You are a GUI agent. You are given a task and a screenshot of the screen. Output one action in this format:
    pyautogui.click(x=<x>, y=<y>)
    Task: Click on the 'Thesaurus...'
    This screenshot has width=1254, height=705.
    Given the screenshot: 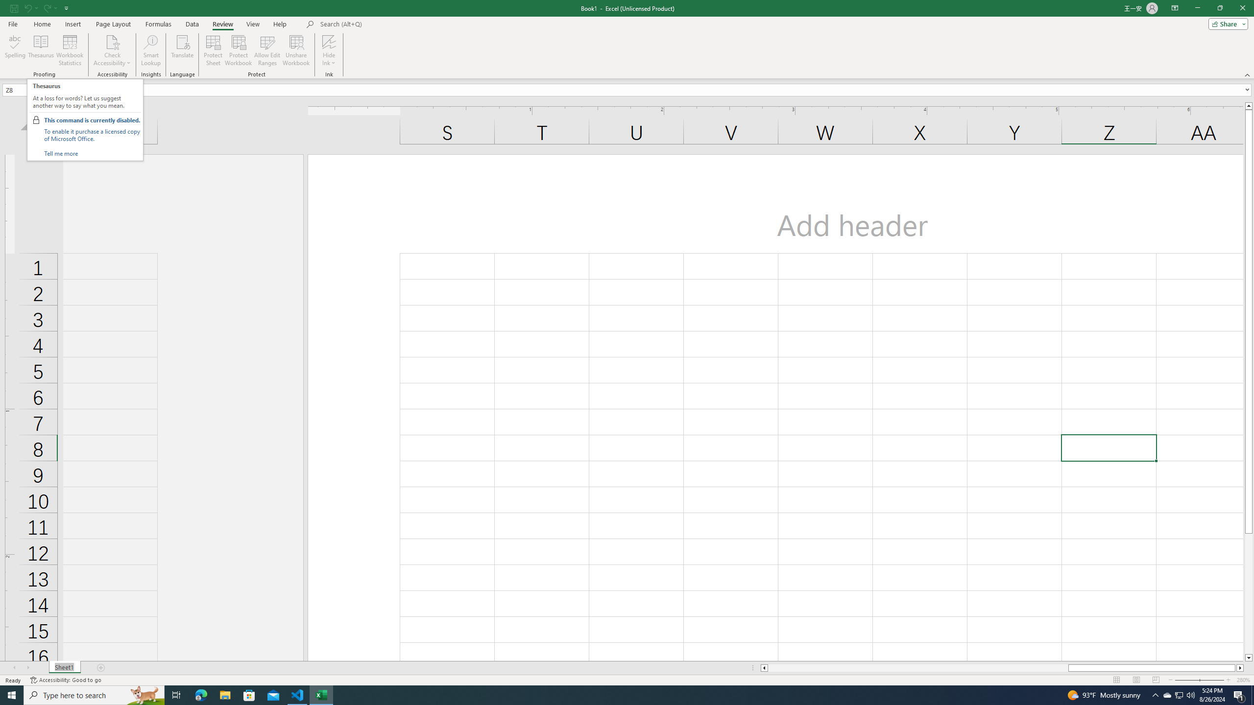 What is the action you would take?
    pyautogui.click(x=40, y=50)
    